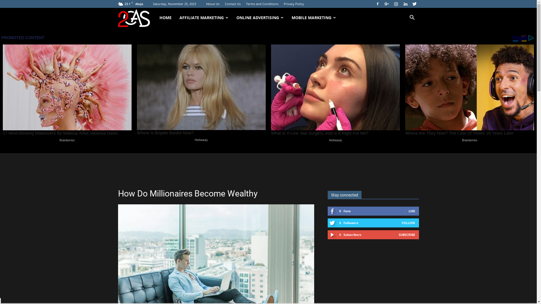 The image size is (541, 304). What do you see at coordinates (412, 211) in the screenshot?
I see `'LIKE'` at bounding box center [412, 211].